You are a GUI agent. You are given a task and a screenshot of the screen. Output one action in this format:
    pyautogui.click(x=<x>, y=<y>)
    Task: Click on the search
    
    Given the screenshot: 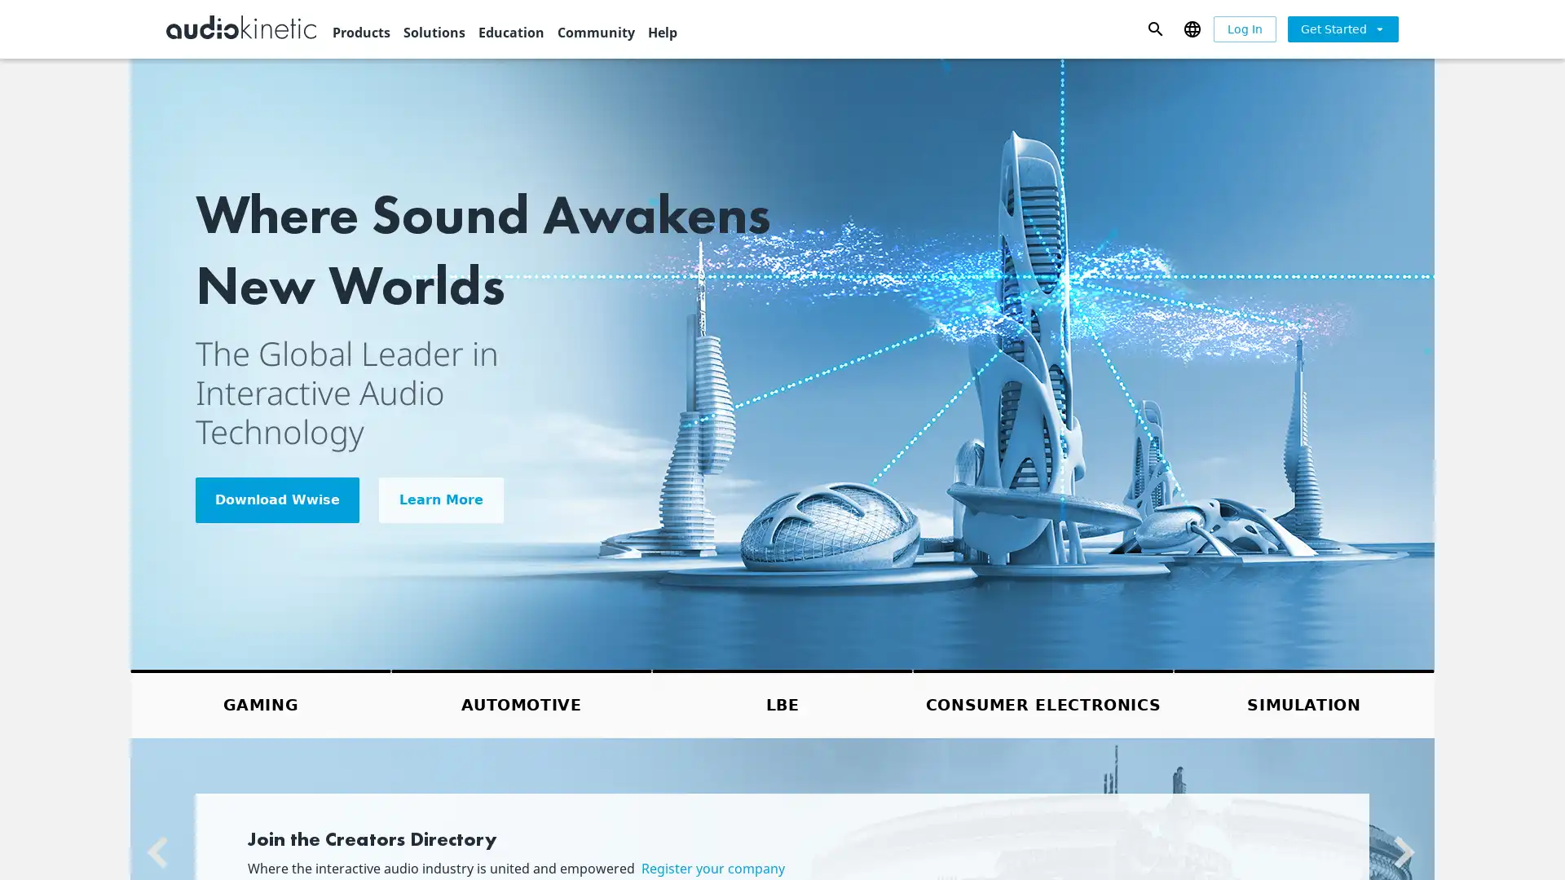 What is the action you would take?
    pyautogui.click(x=1154, y=28)
    